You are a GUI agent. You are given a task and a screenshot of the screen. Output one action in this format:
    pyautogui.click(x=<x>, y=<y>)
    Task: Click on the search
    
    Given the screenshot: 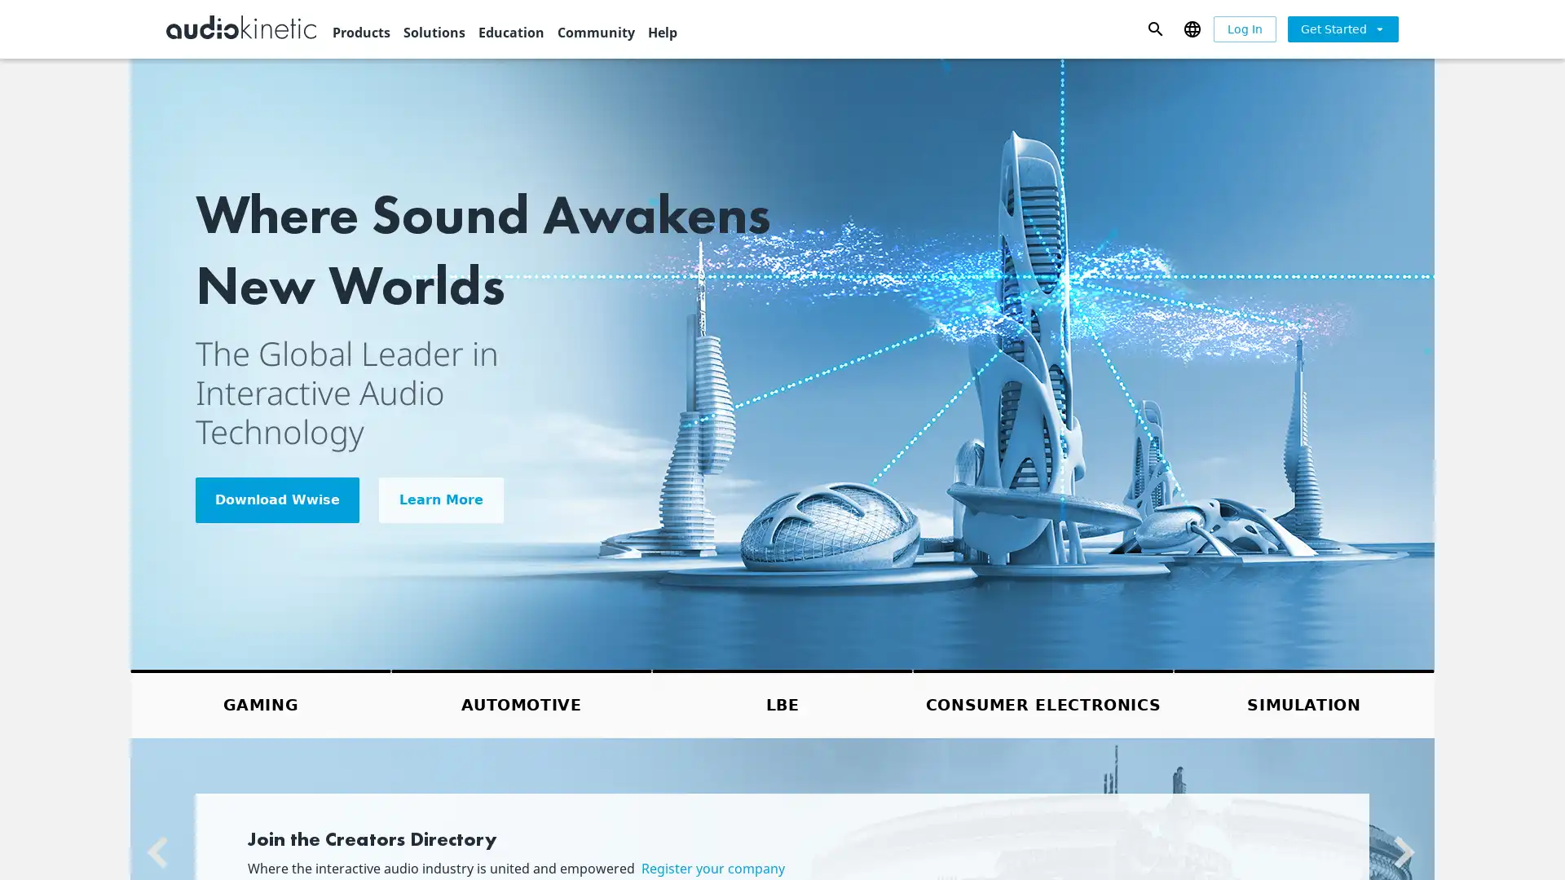 What is the action you would take?
    pyautogui.click(x=1154, y=28)
    